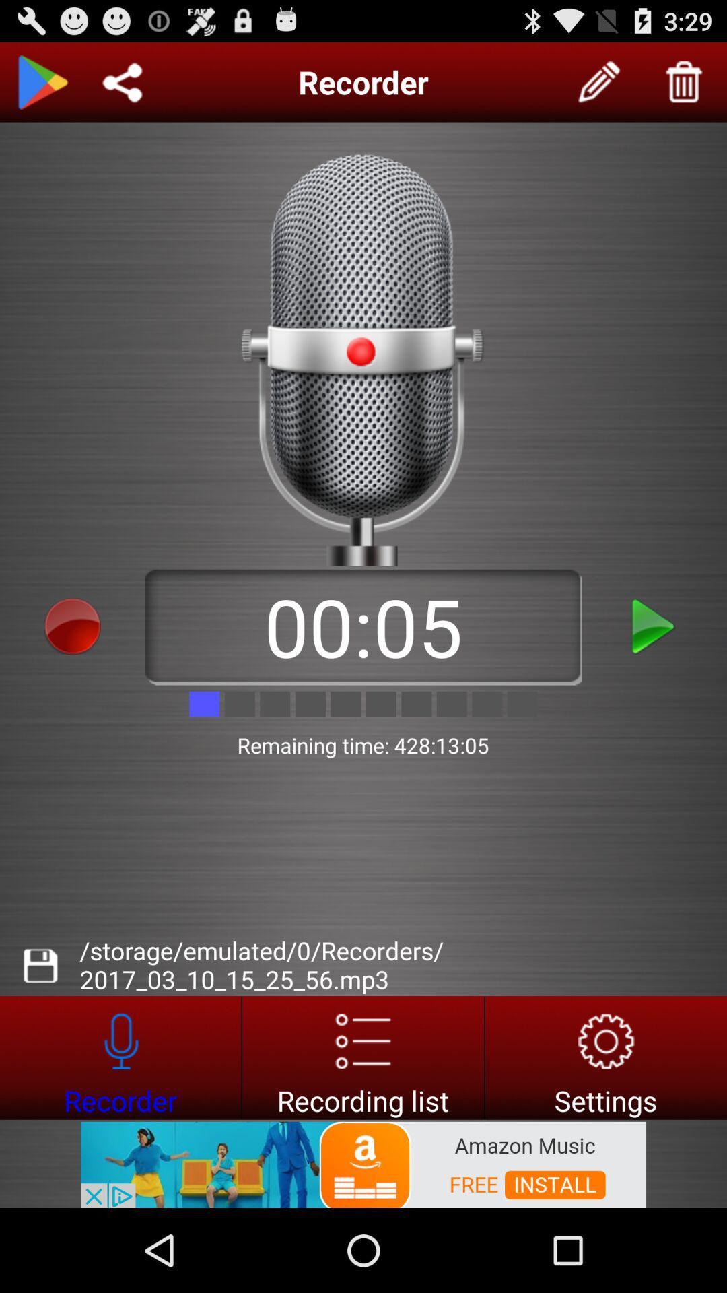 The image size is (727, 1293). Describe the element at coordinates (41, 87) in the screenshot. I see `the play icon` at that location.